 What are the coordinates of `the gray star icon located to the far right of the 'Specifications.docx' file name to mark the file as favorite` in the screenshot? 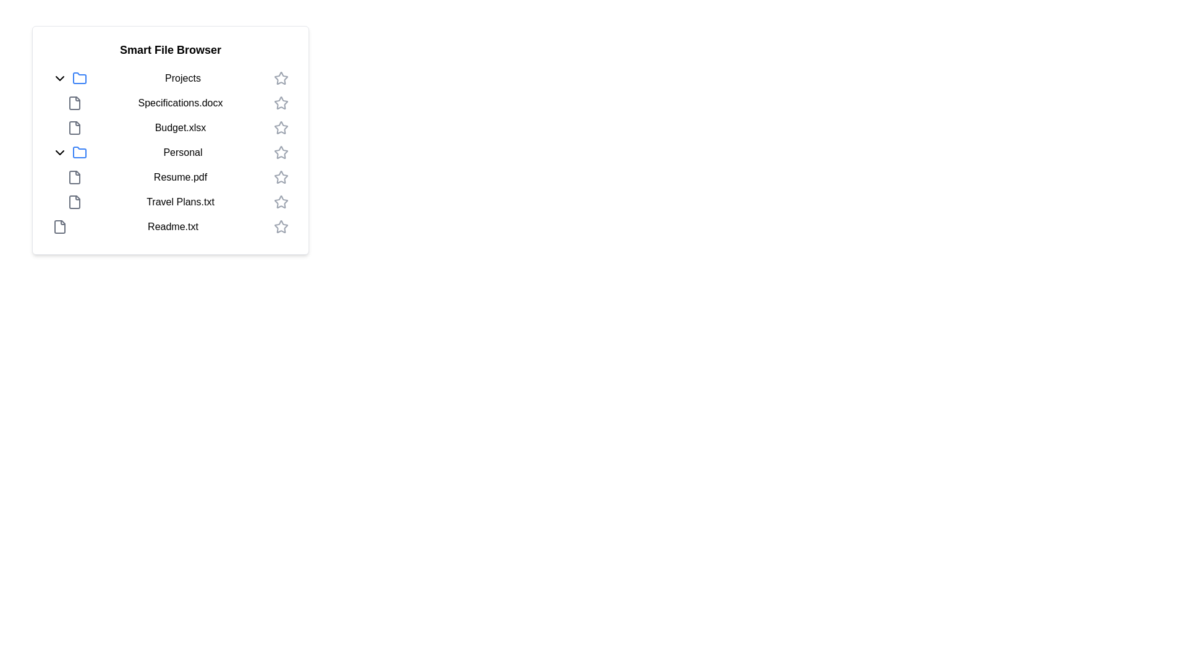 It's located at (281, 102).